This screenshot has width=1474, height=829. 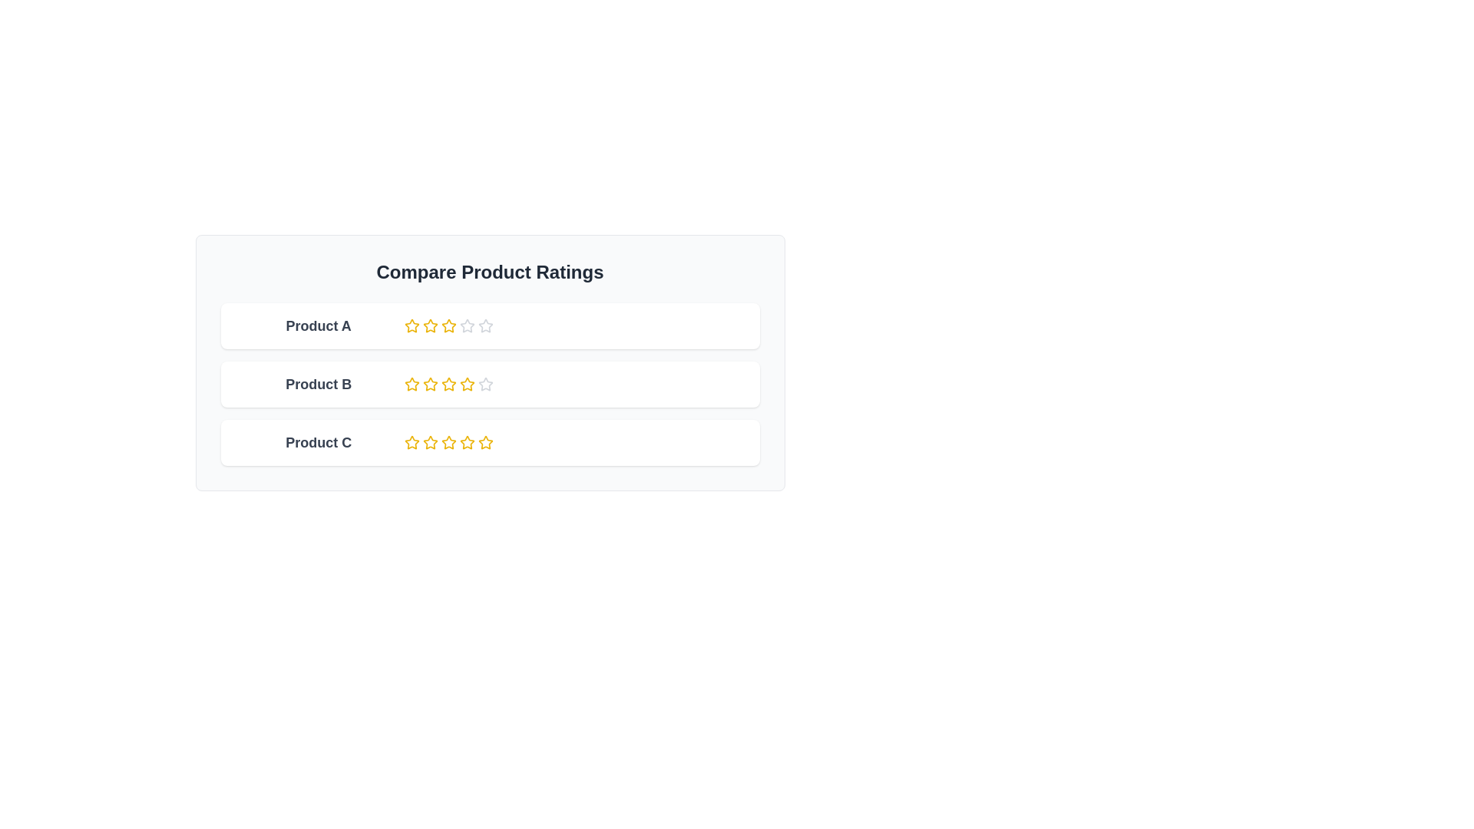 What do you see at coordinates (484, 383) in the screenshot?
I see `the third star icon in the rating component for 'Product B'` at bounding box center [484, 383].